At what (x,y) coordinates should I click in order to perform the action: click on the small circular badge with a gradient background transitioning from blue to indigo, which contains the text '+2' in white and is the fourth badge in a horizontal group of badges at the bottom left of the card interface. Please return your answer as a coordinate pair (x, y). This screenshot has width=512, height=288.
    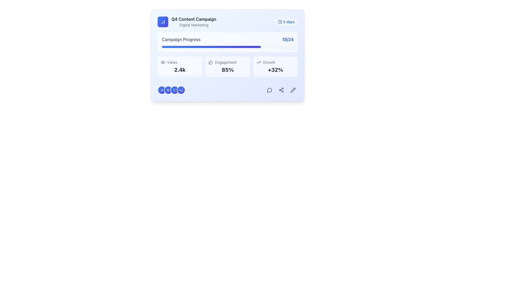
    Looking at the image, I should click on (181, 90).